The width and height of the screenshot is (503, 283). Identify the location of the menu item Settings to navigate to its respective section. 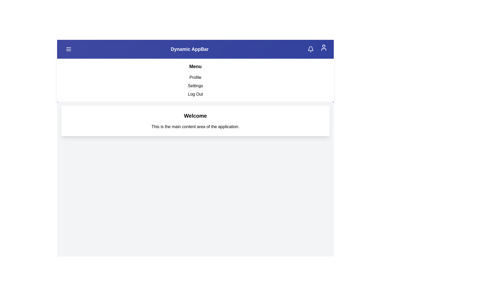
(195, 85).